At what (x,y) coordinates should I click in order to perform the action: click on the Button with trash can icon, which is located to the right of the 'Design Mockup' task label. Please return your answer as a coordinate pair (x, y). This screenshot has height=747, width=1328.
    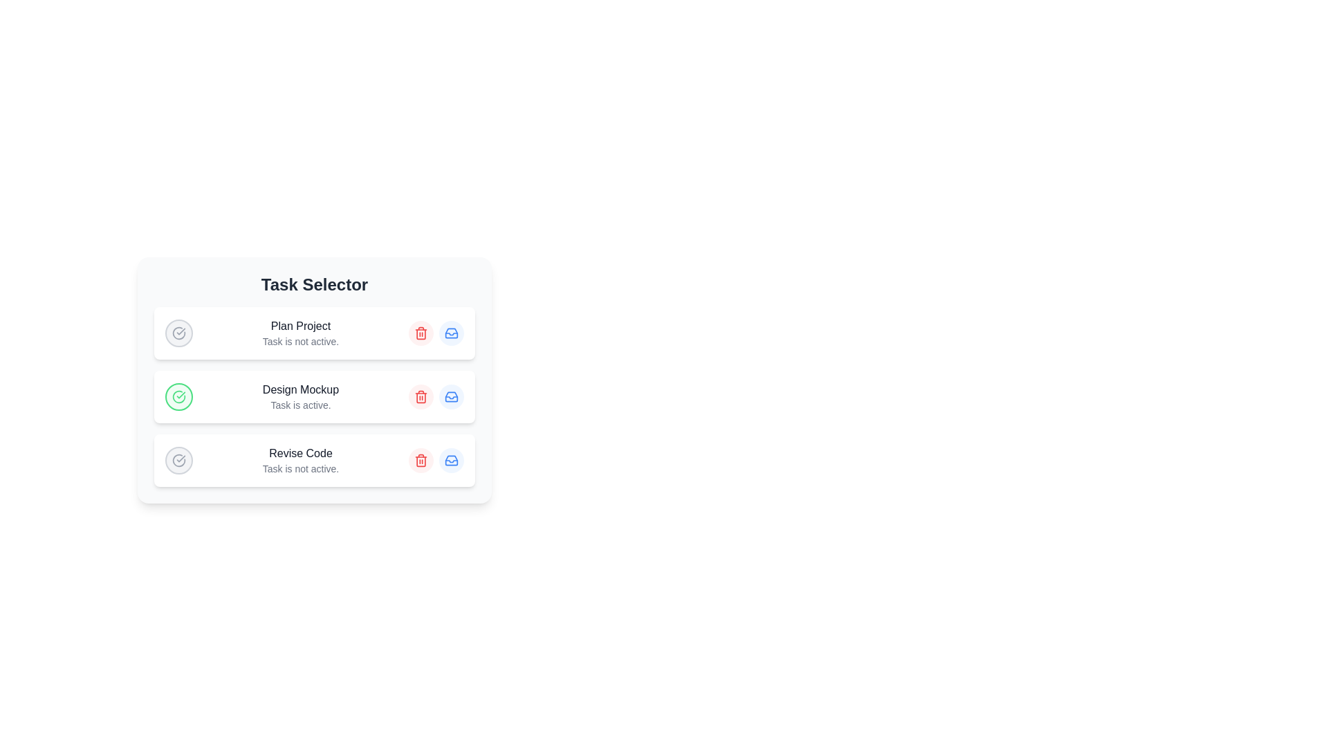
    Looking at the image, I should click on (421, 397).